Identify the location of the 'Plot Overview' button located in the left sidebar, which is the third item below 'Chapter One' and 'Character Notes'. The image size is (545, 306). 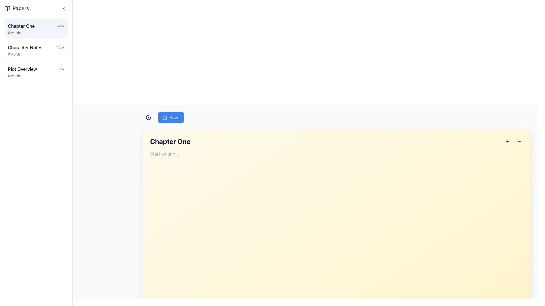
(36, 72).